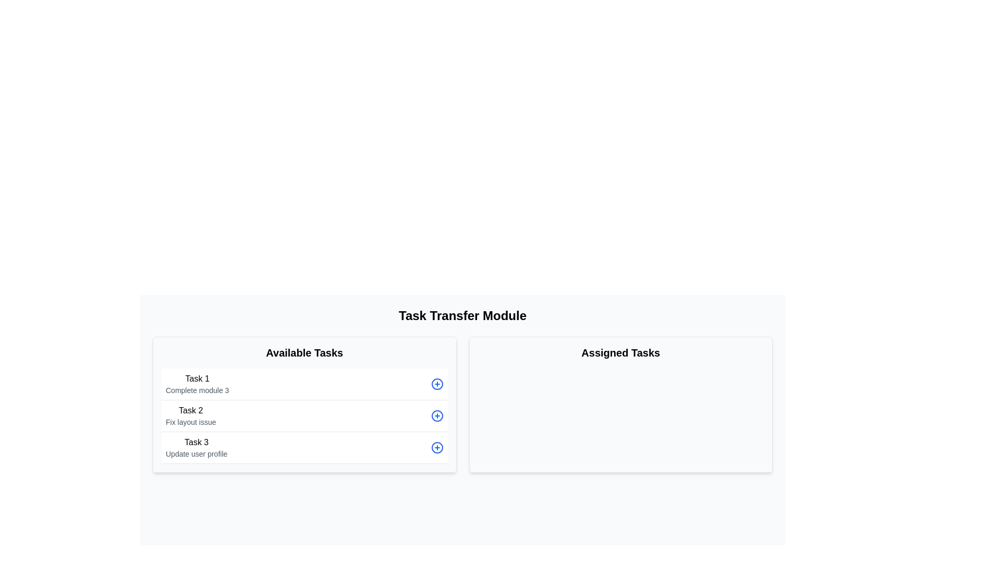 Image resolution: width=1001 pixels, height=563 pixels. I want to click on the Label element displaying 'Fix layout issue' which is positioned under 'Task 2' in the 'Available Tasks' section, so click(191, 422).